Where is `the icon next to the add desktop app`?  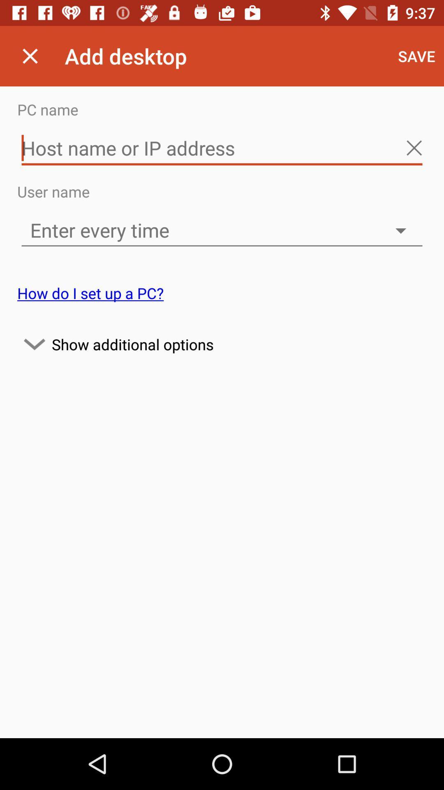
the icon next to the add desktop app is located at coordinates (30, 56).